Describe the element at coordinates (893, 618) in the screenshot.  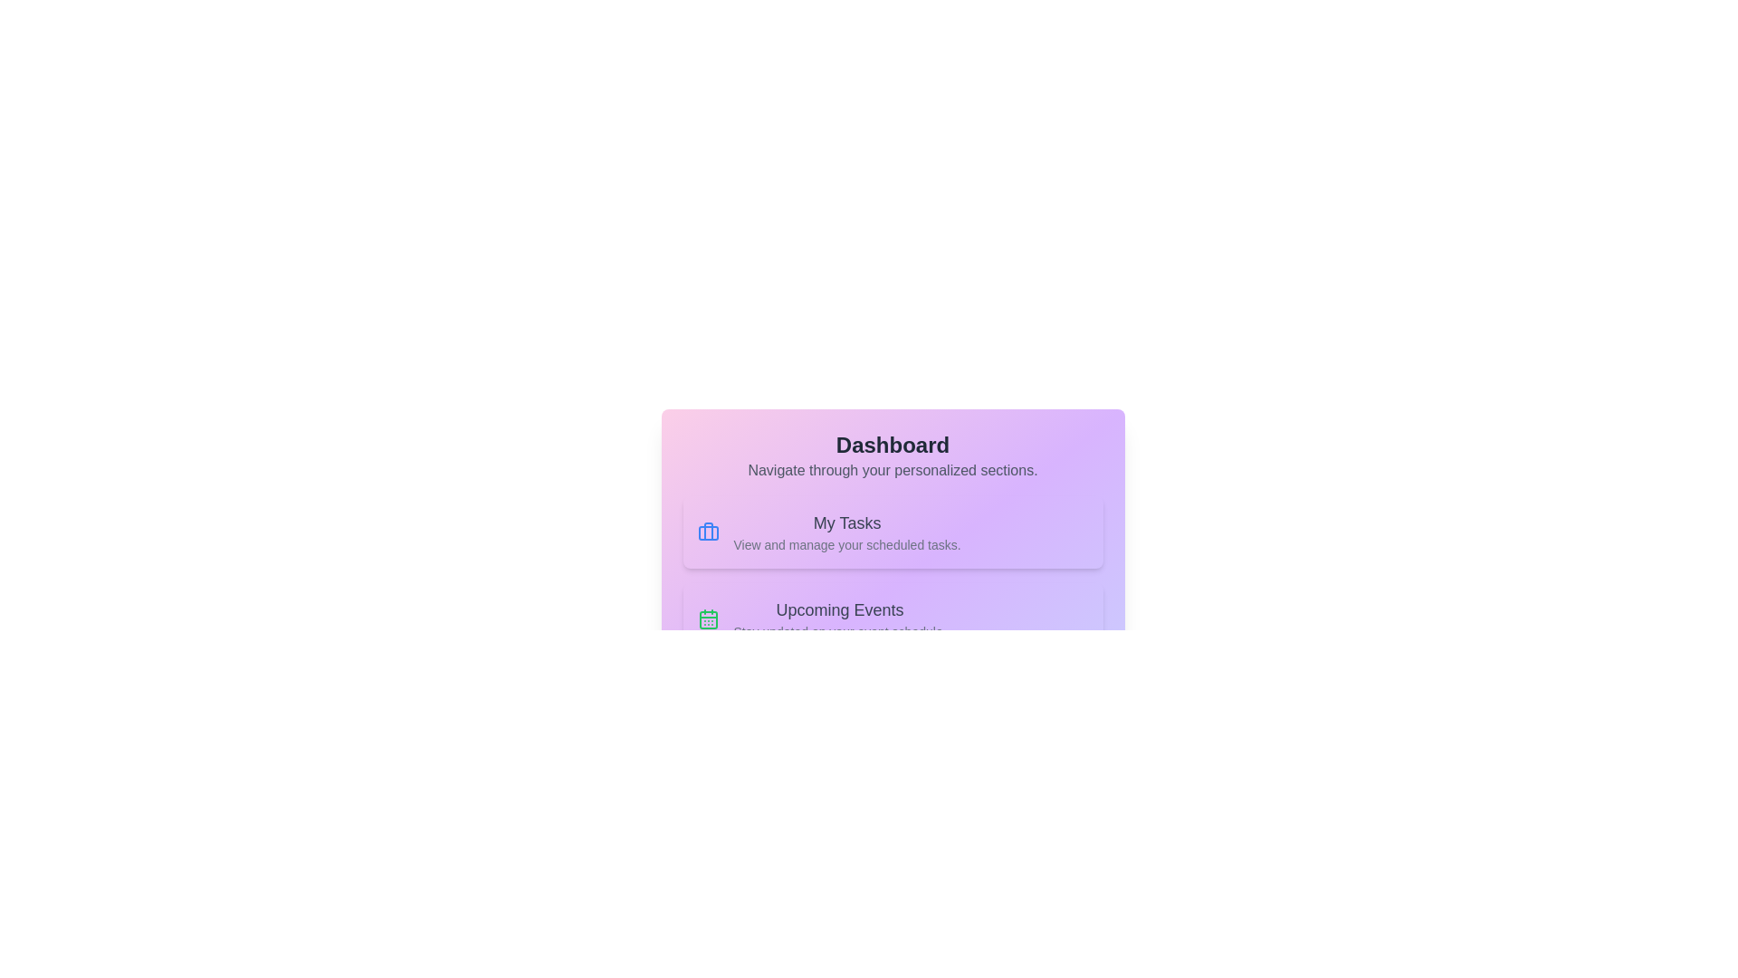
I see `the section corresponding to Upcoming Events` at that location.